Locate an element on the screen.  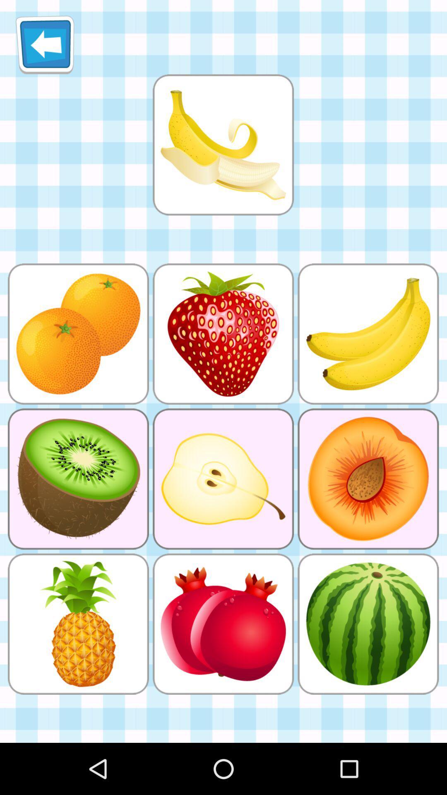
icon at the top left corner is located at coordinates (45, 44).